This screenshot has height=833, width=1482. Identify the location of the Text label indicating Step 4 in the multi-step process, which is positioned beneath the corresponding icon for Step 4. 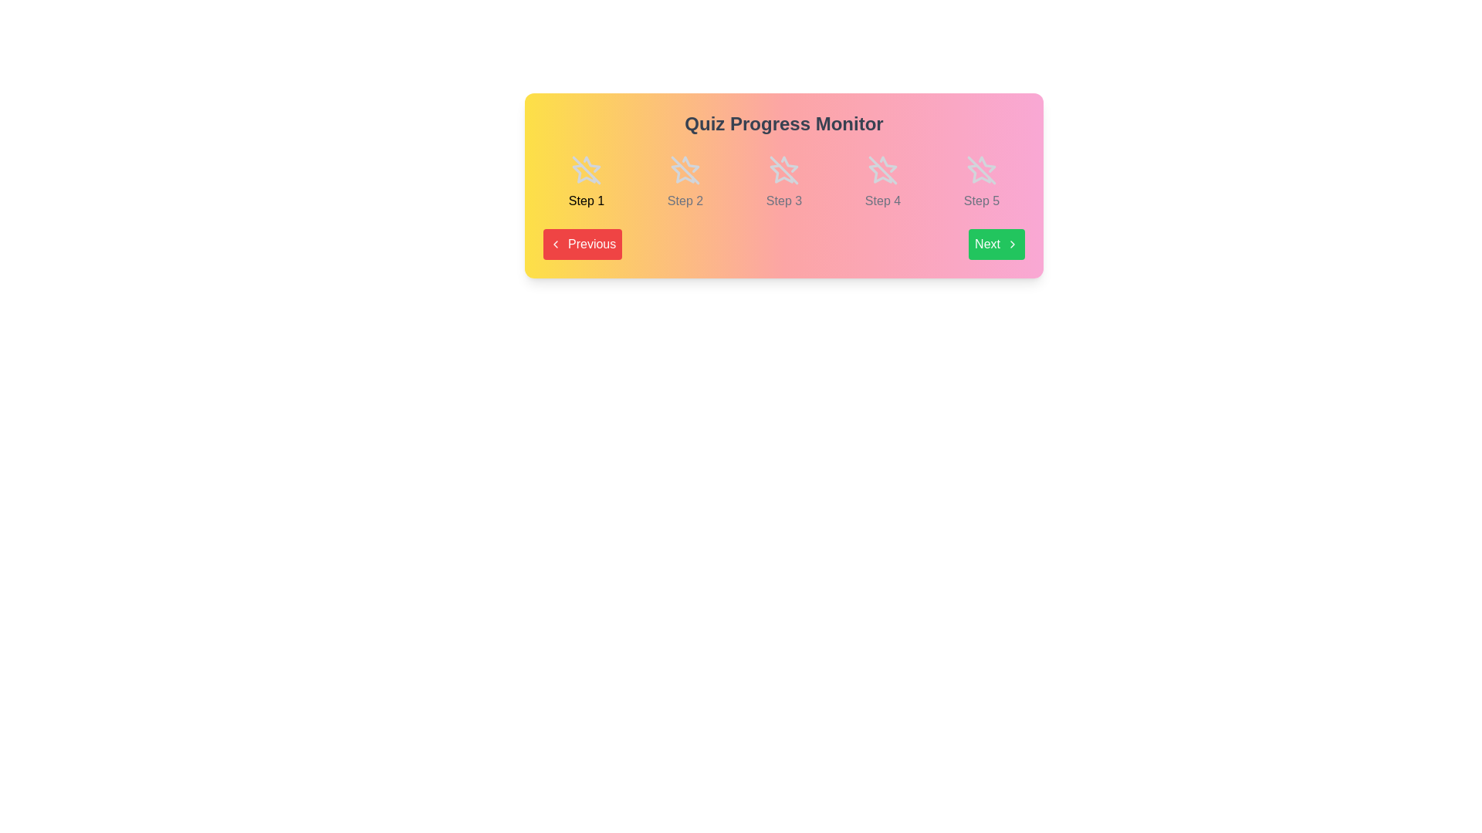
(882, 201).